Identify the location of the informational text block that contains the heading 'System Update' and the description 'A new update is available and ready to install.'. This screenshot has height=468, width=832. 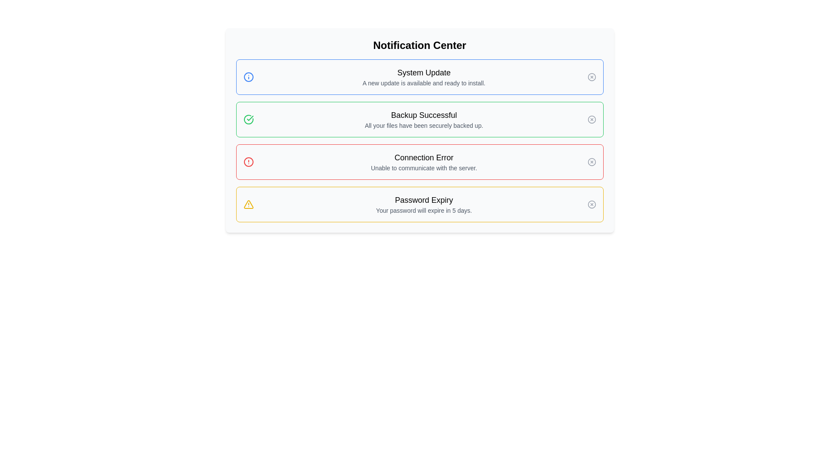
(424, 76).